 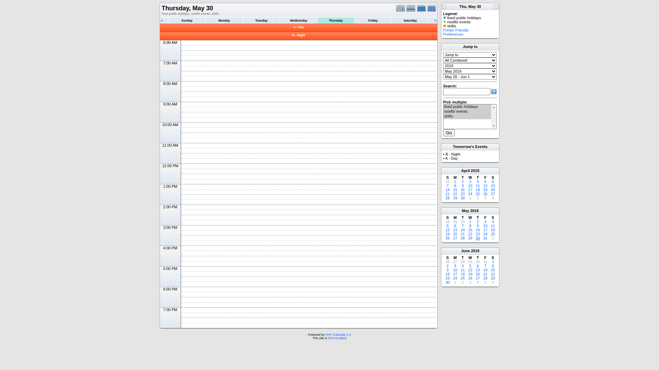 I want to click on 'Day', so click(x=401, y=8).